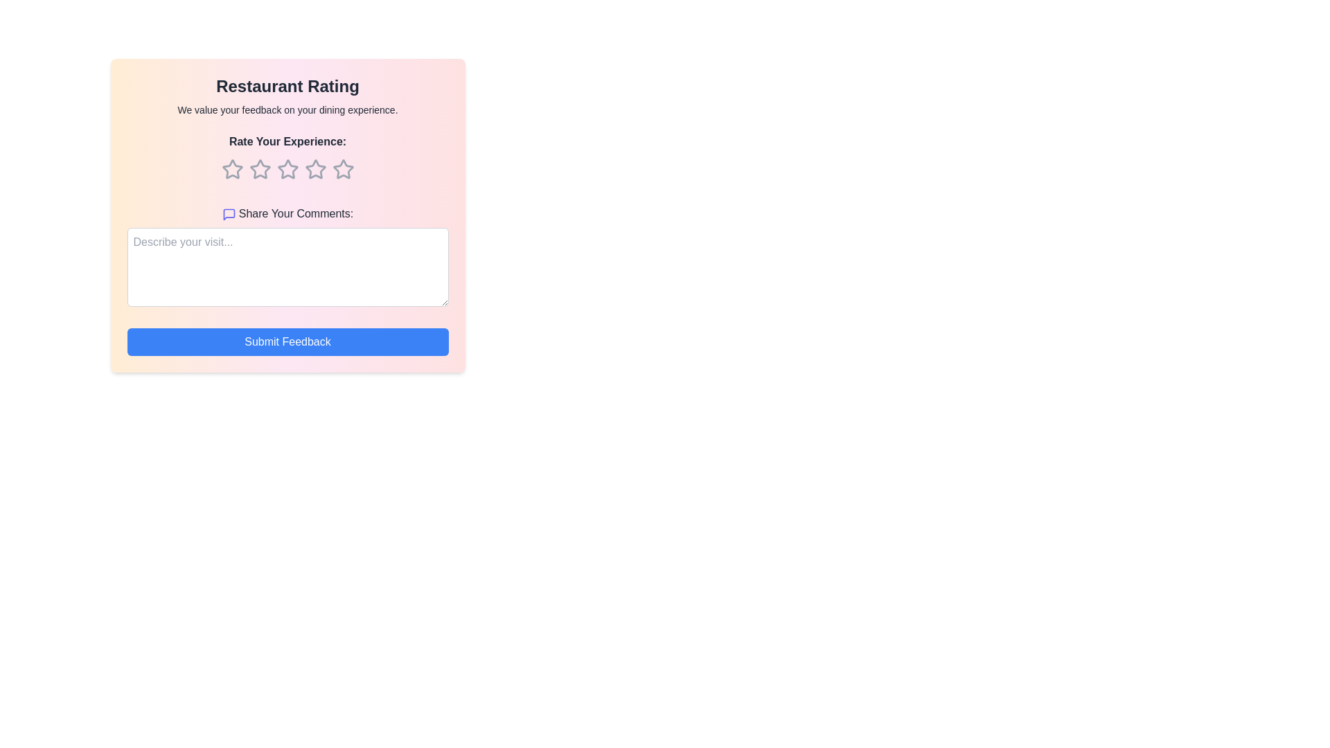  I want to click on the feedback submission button located below the 'Share Your Comments:' text area to observe styling changes, so click(287, 341).